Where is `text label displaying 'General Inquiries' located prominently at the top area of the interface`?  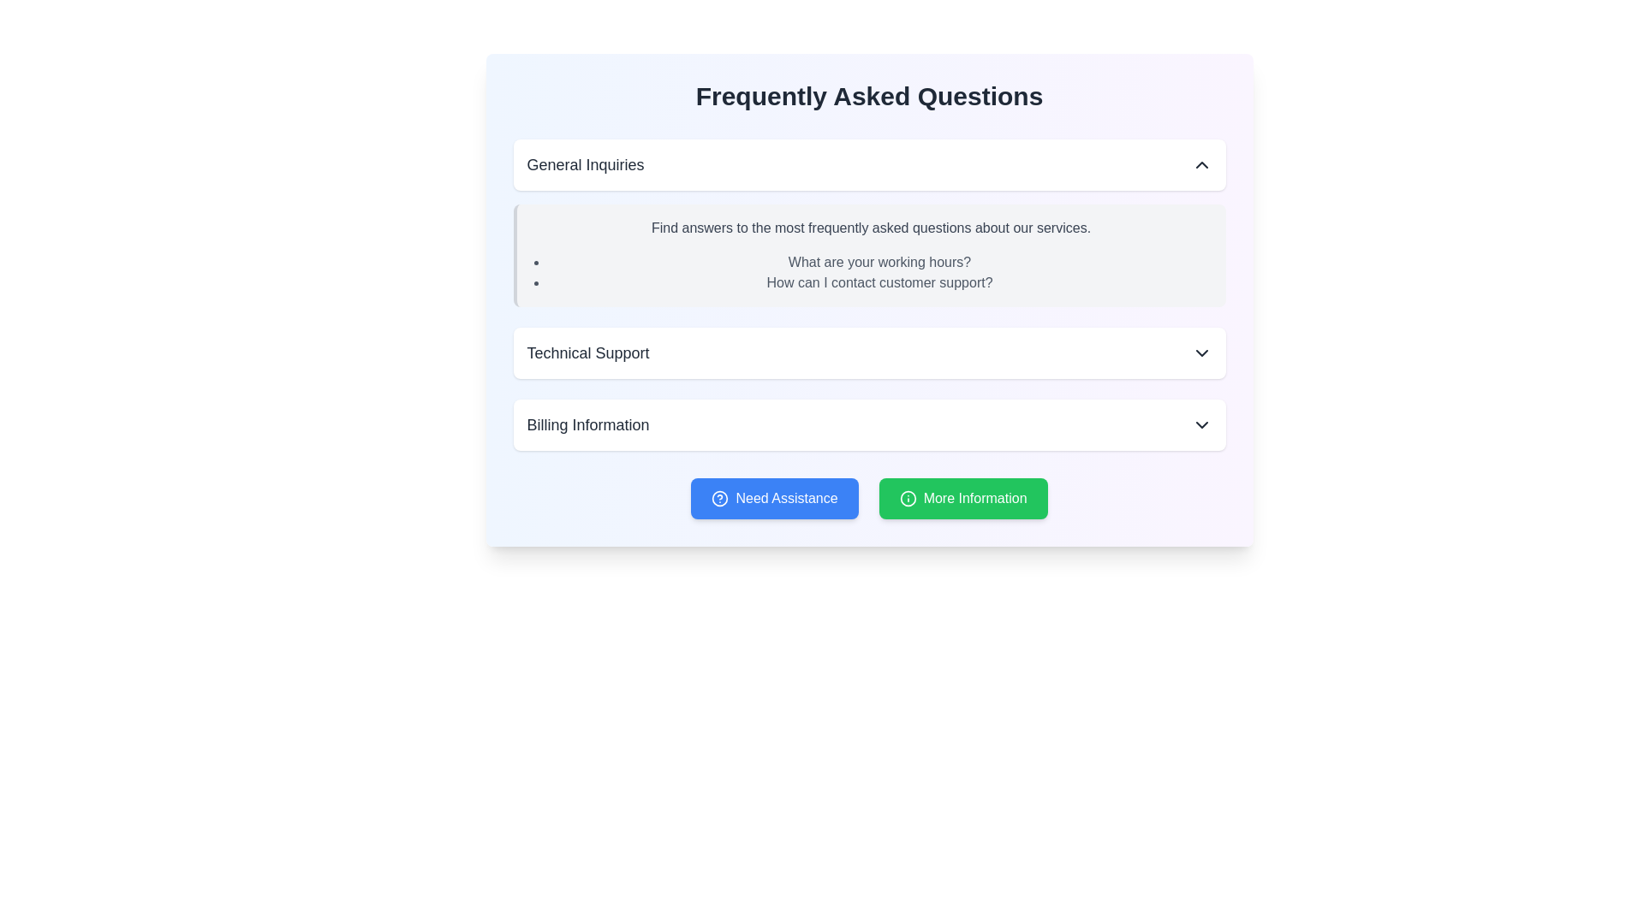
text label displaying 'General Inquiries' located prominently at the top area of the interface is located at coordinates (586, 164).